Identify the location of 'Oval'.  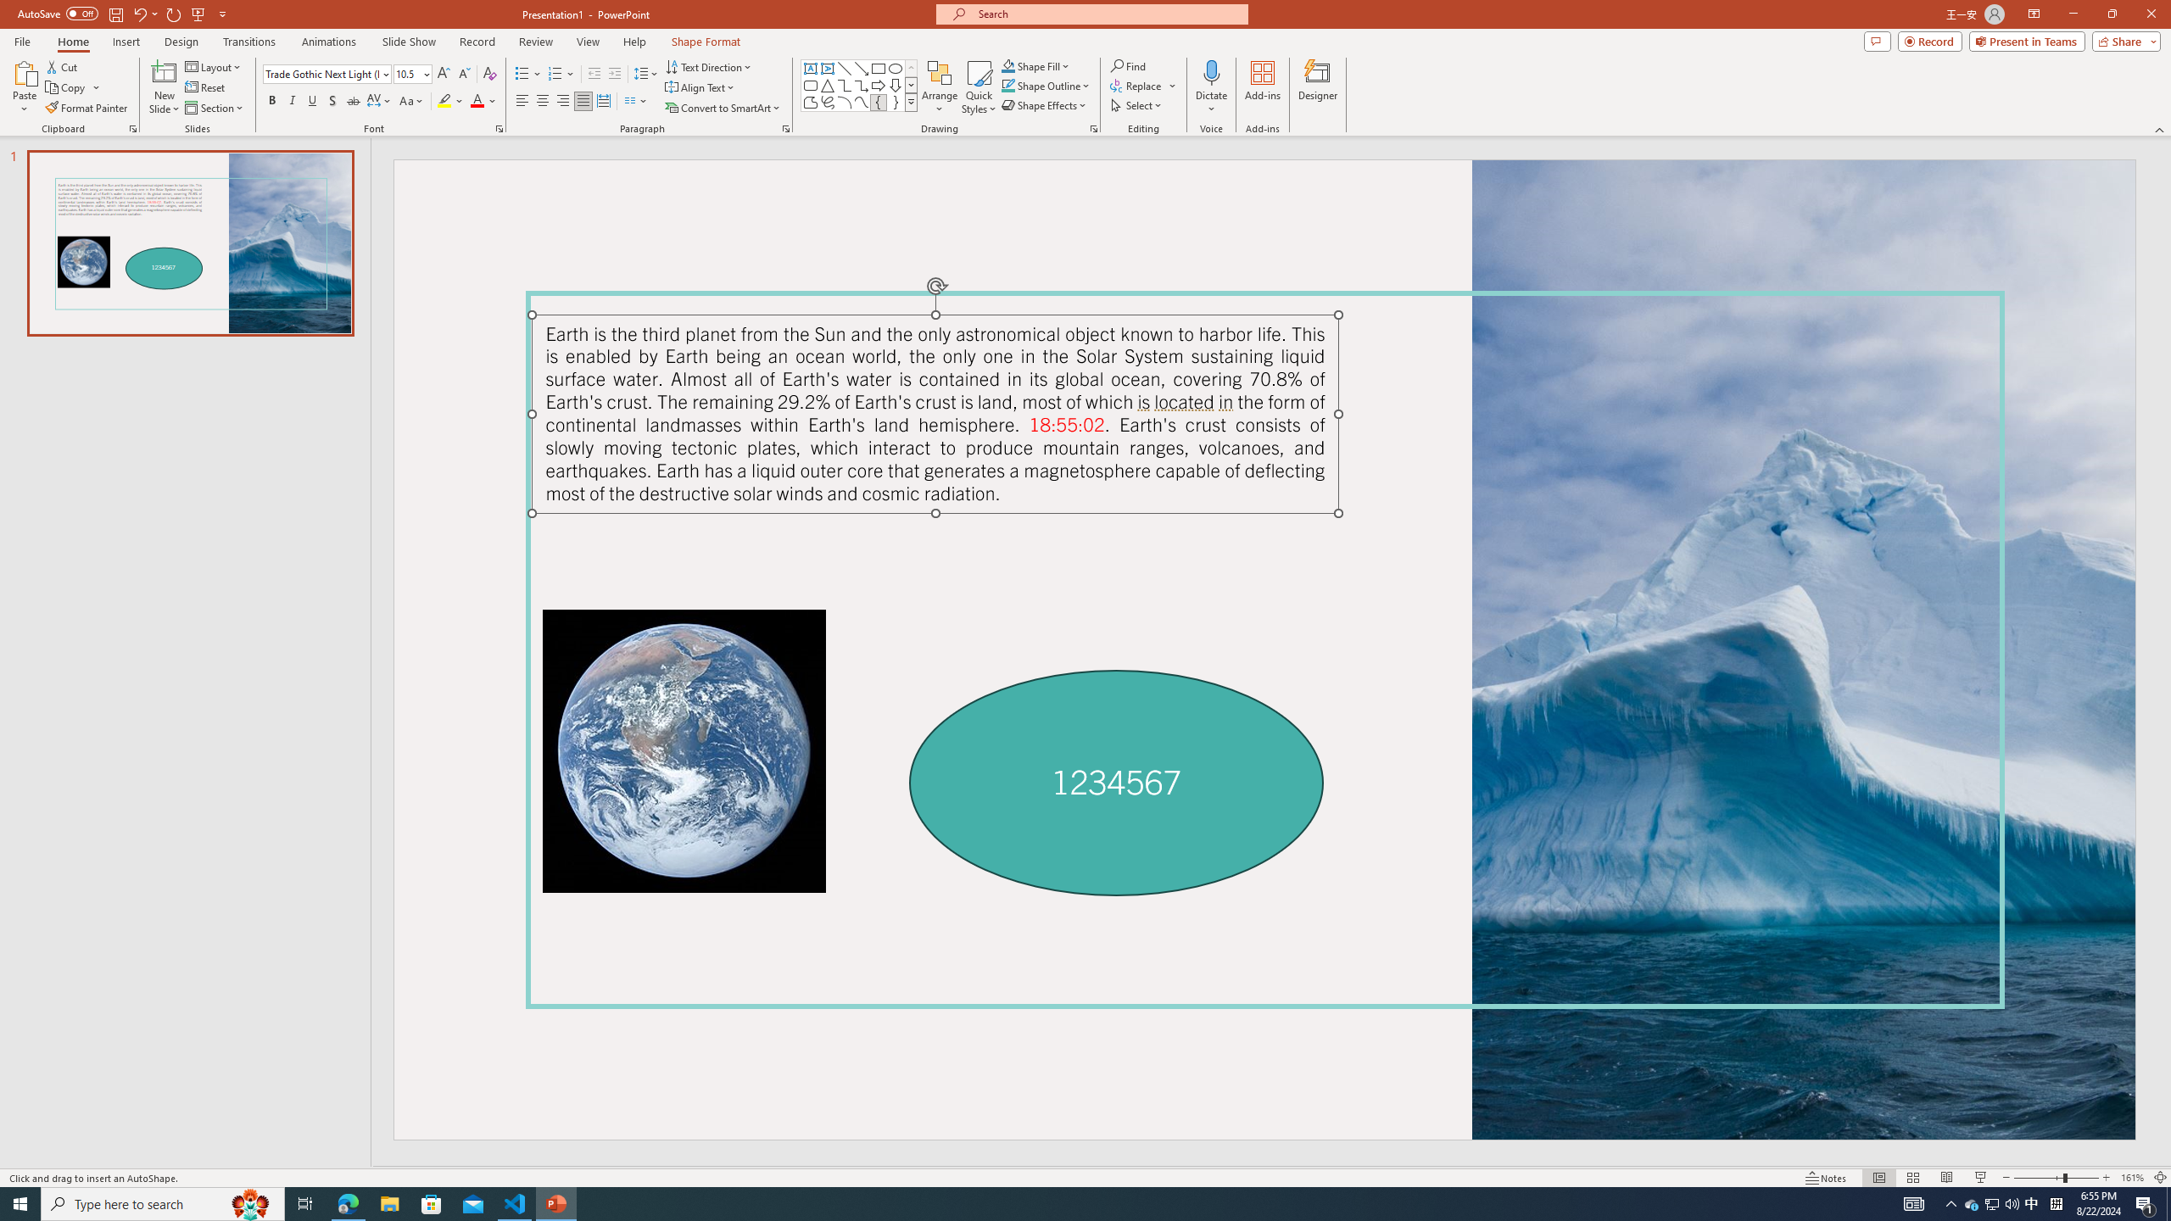
(895, 68).